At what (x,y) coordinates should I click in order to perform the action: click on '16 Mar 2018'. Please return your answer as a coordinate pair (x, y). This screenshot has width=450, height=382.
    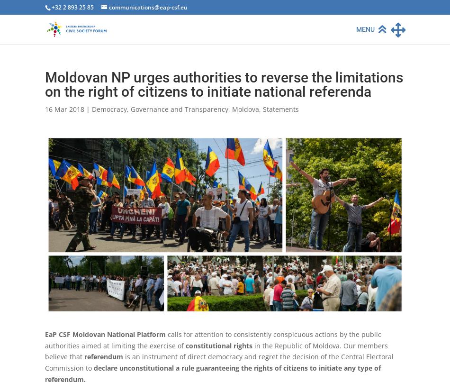
    Looking at the image, I should click on (45, 109).